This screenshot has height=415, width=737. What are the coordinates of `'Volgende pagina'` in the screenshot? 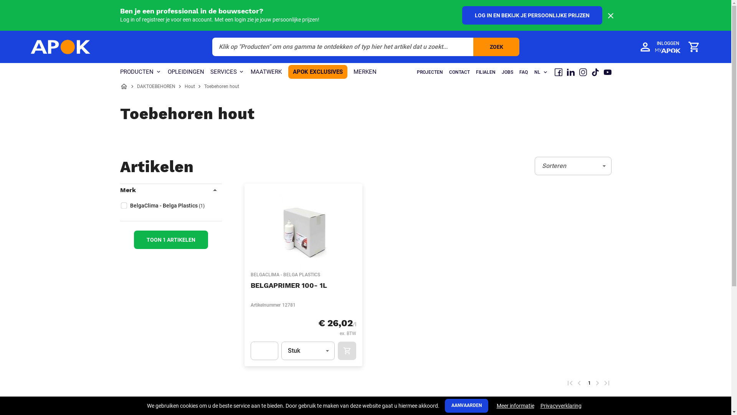 It's located at (597, 383).